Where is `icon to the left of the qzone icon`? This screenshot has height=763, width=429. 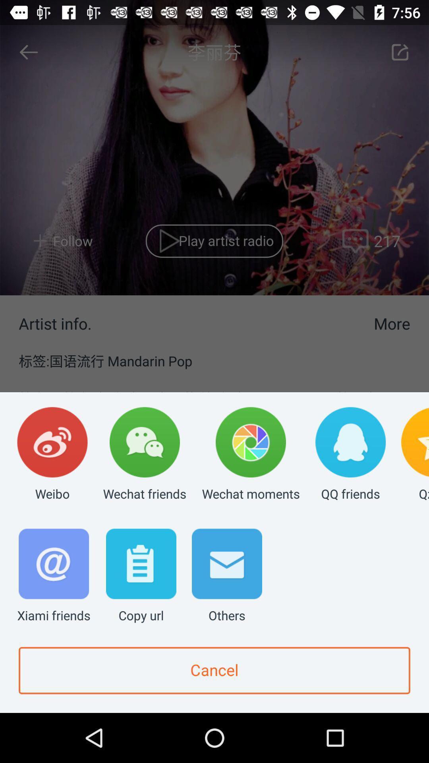 icon to the left of the qzone icon is located at coordinates (350, 455).